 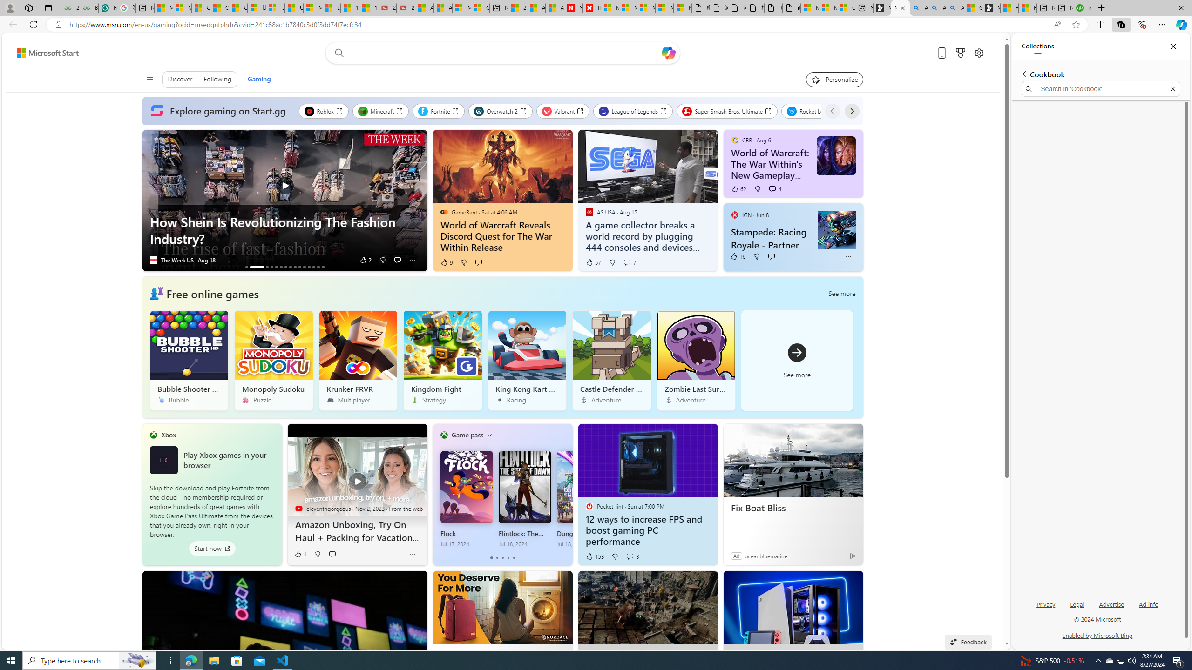 I want to click on '16 Like', so click(x=737, y=255).